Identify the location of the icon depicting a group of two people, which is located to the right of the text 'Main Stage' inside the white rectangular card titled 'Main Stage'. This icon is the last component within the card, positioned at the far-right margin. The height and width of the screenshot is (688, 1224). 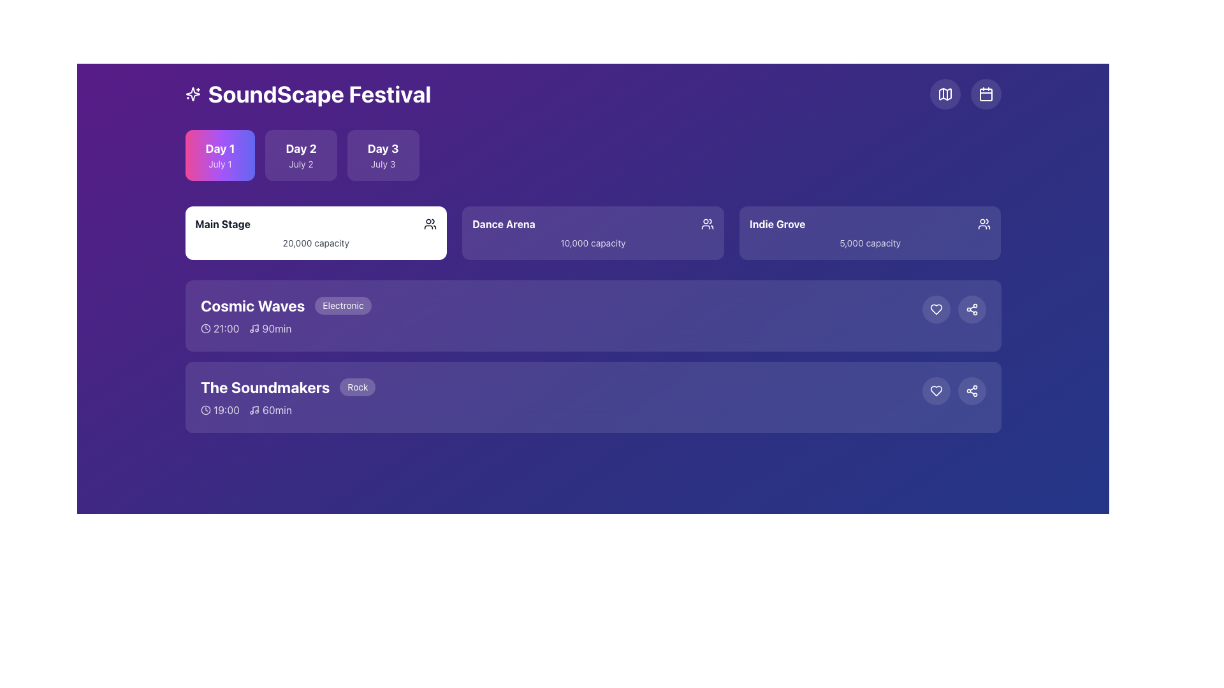
(430, 223).